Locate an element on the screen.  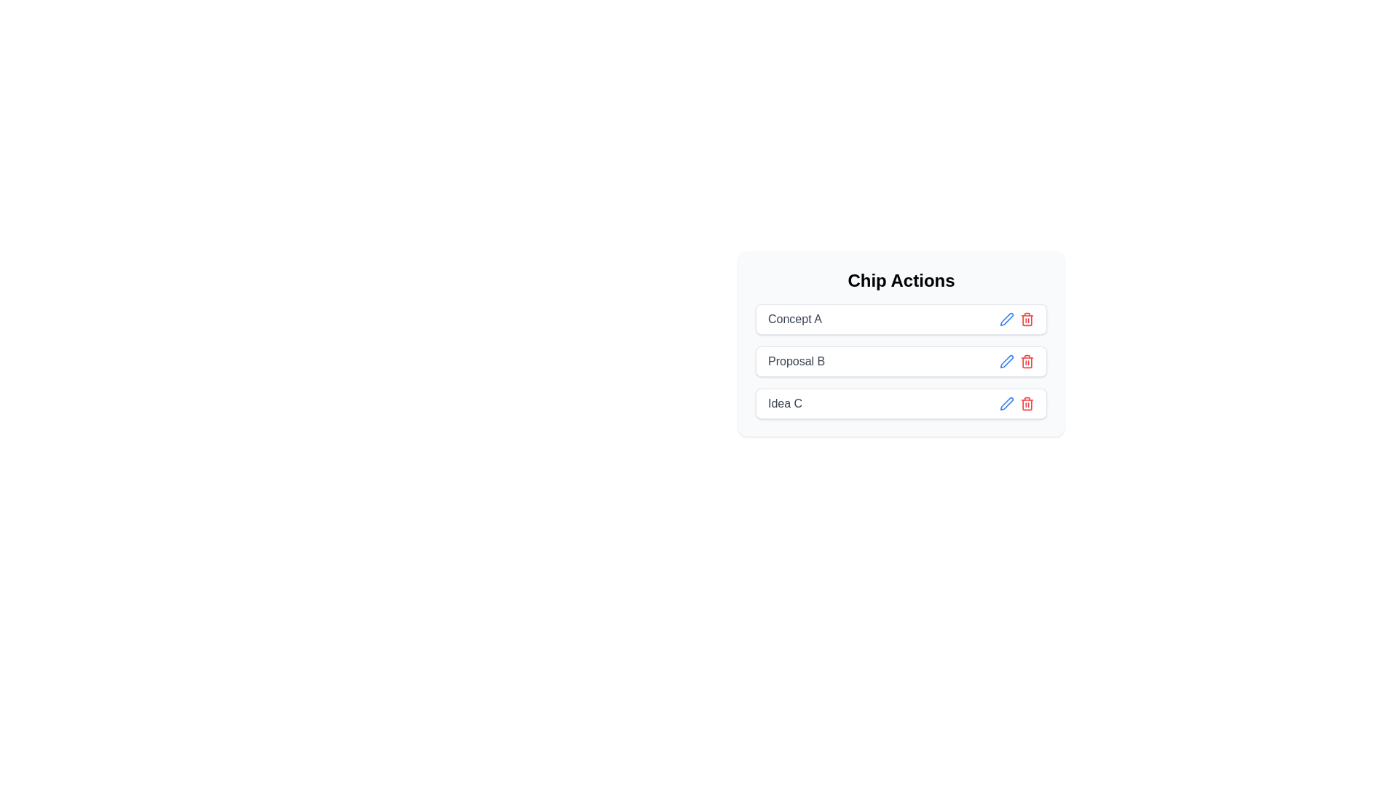
the edit button next to the chip labeled Idea C is located at coordinates (1006, 404).